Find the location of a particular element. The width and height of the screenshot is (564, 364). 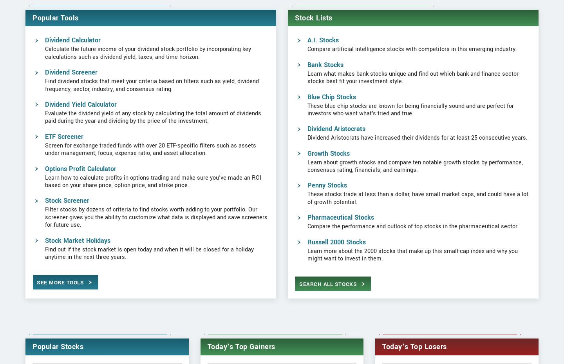

'Stock Screener' is located at coordinates (45, 226).